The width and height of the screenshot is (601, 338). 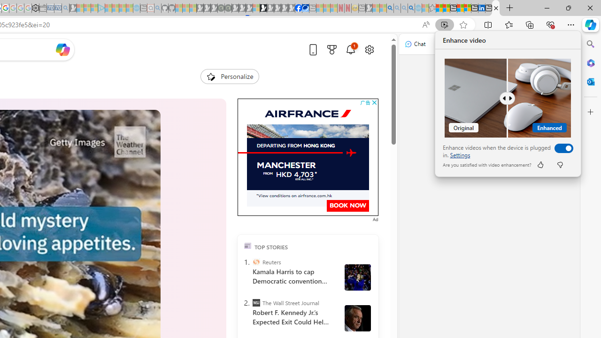 What do you see at coordinates (256, 303) in the screenshot?
I see `'The Wall Street Journal'` at bounding box center [256, 303].